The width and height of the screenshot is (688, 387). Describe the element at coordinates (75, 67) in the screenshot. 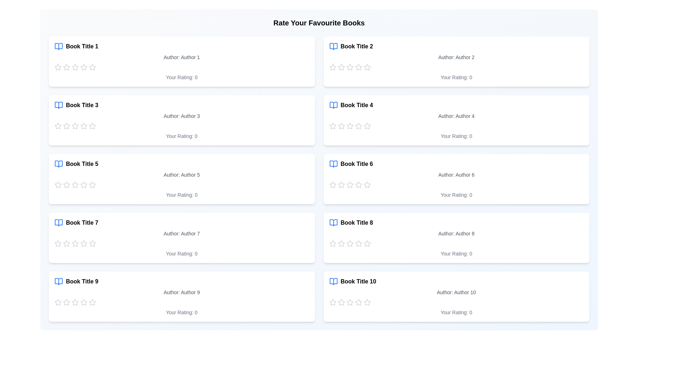

I see `the star icon to set the rating for a book to 3` at that location.